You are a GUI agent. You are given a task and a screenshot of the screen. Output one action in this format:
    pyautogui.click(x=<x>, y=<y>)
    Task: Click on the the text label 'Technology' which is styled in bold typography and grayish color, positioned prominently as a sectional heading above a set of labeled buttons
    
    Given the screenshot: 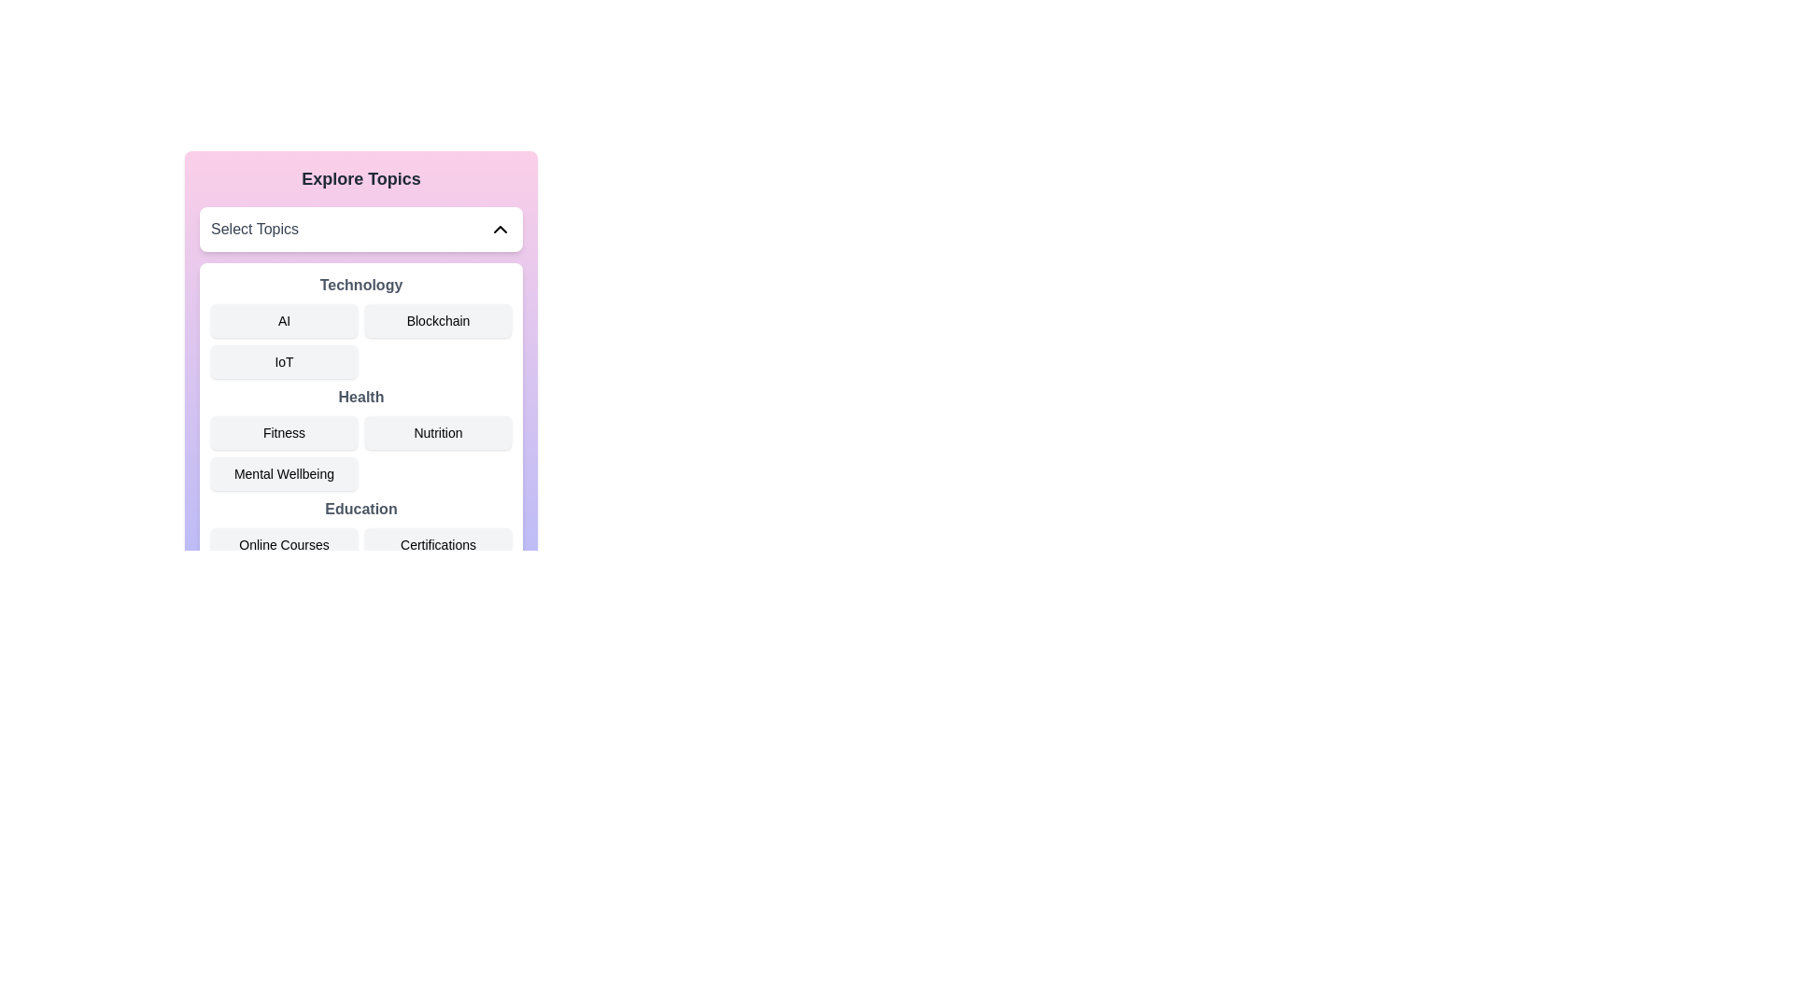 What is the action you would take?
    pyautogui.click(x=361, y=285)
    